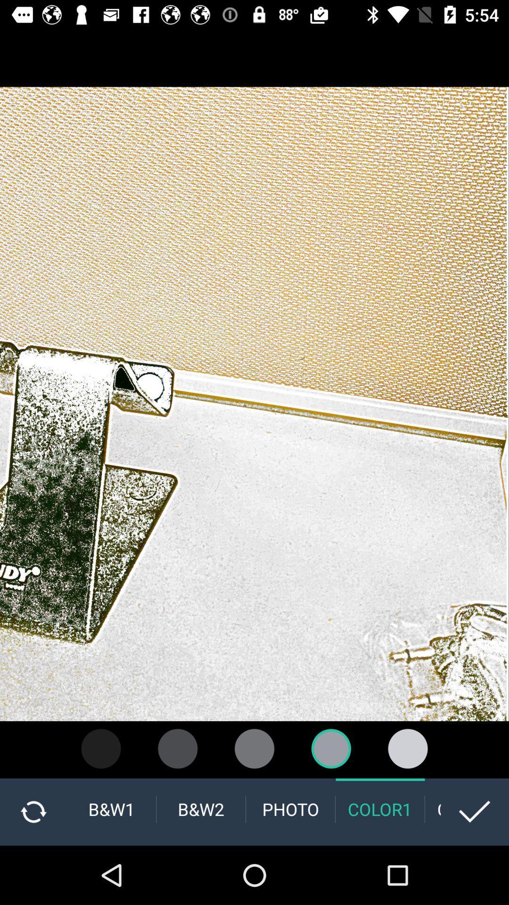 The image size is (509, 905). I want to click on photo, so click(290, 809).